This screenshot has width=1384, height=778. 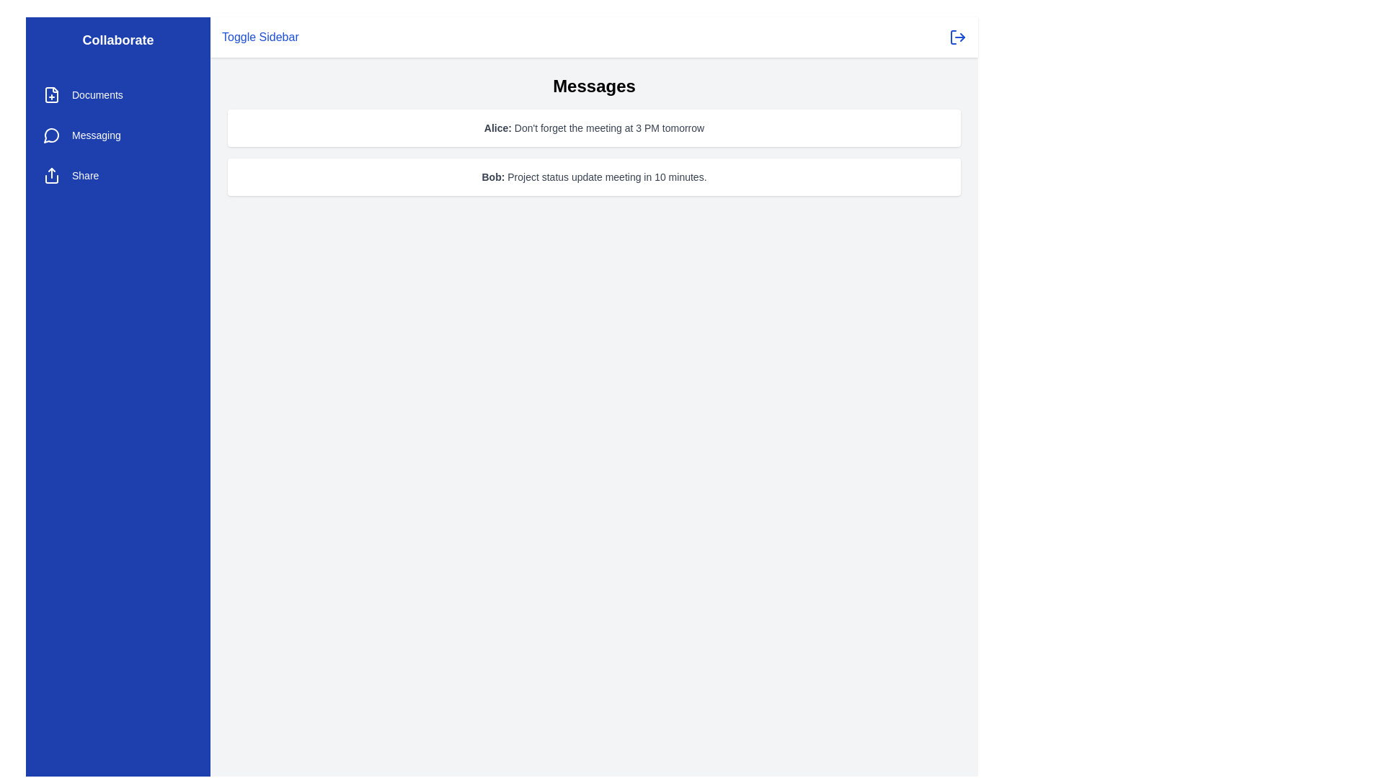 I want to click on the navigational text label located in the left-hand sidebar, positioned second from the top, so click(x=97, y=94).